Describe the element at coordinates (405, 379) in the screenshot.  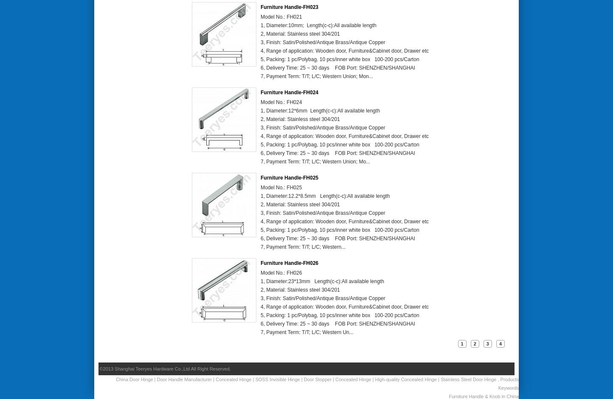
I see `'High-quality Concealed Hinge'` at that location.